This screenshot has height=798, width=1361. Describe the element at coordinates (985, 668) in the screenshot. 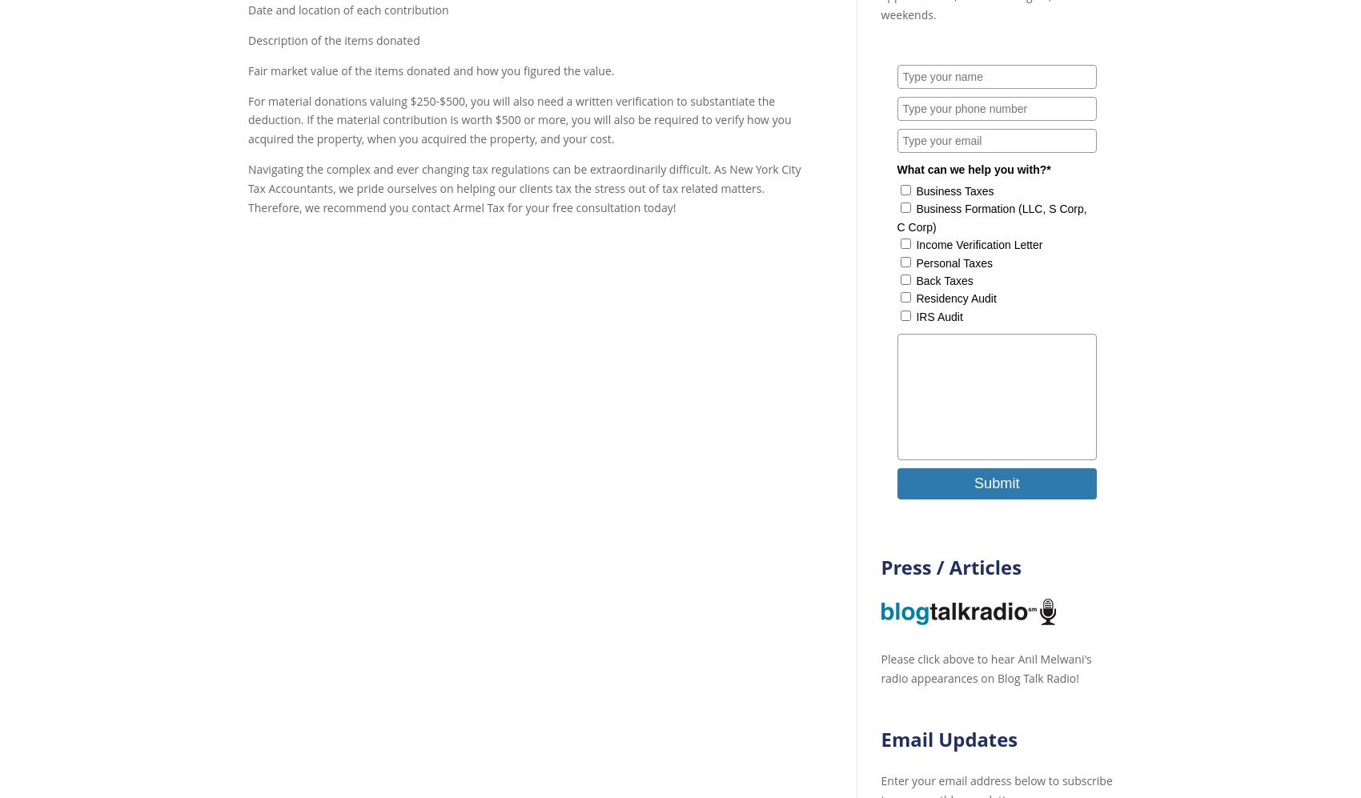

I see `'Please click above to hear Anil Melwani's radio appearances on  Blog Talk Radio!'` at that location.